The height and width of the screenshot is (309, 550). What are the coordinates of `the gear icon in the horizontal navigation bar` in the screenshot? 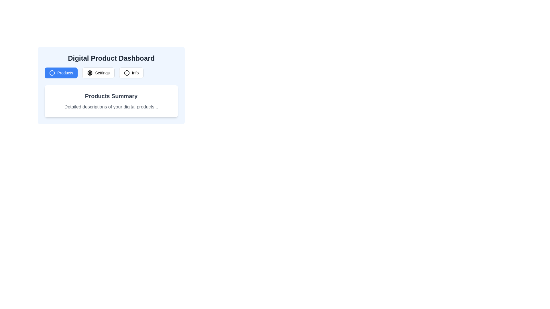 It's located at (90, 72).